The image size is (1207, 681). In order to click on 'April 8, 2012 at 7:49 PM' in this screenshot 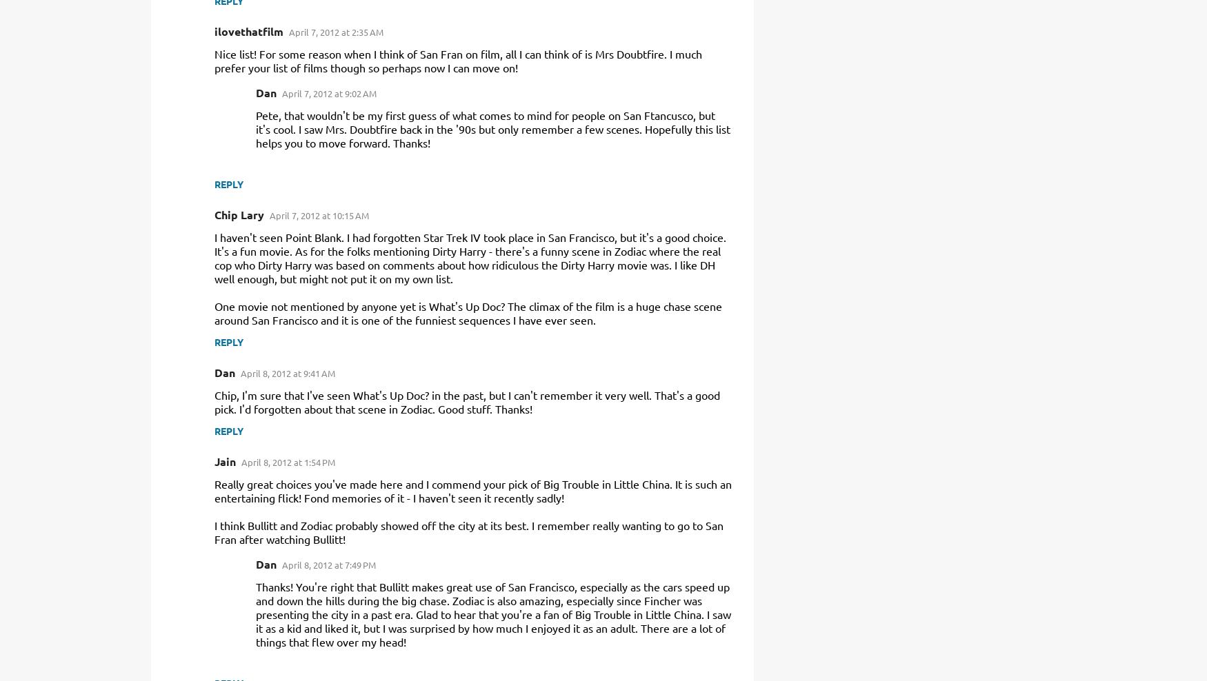, I will do `click(281, 565)`.